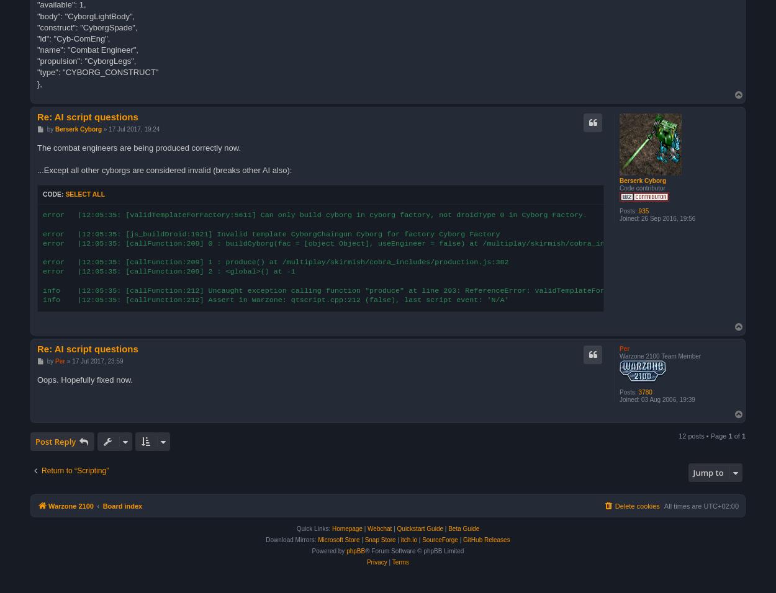  What do you see at coordinates (355, 551) in the screenshot?
I see `'phpBB'` at bounding box center [355, 551].